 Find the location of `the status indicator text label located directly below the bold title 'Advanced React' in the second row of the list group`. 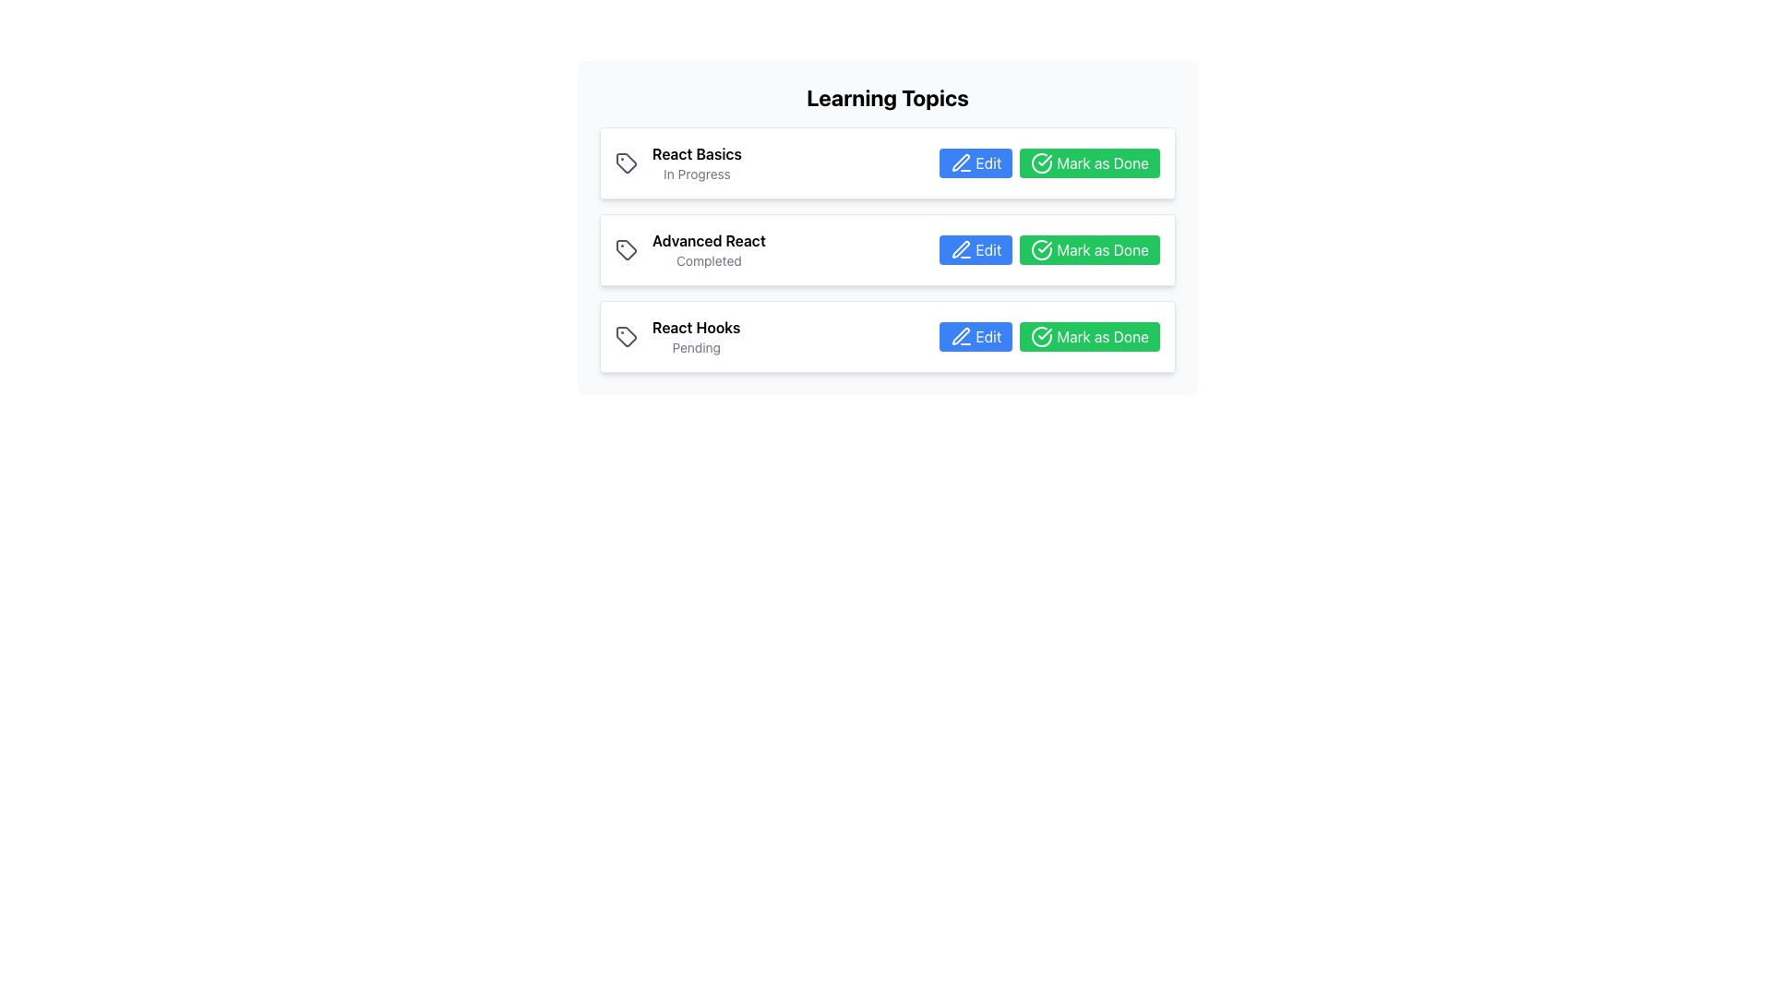

the status indicator text label located directly below the bold title 'Advanced React' in the second row of the list group is located at coordinates (708, 260).